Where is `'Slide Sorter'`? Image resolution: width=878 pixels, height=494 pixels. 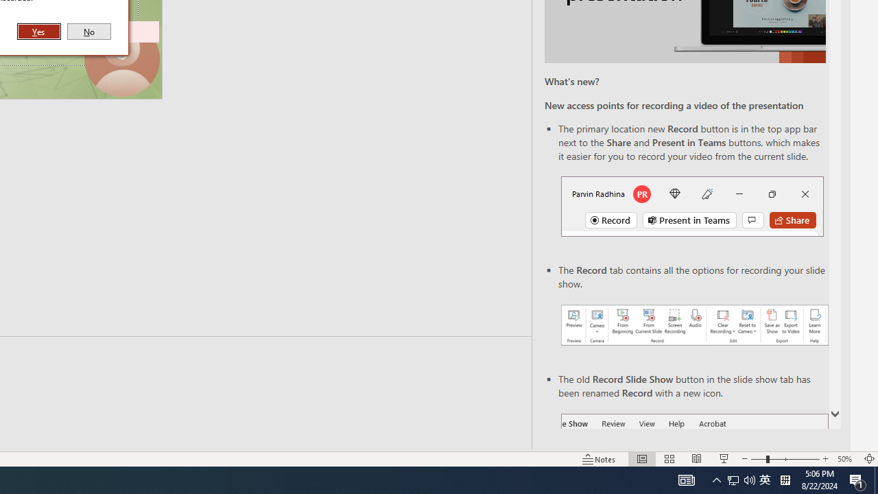 'Slide Sorter' is located at coordinates (669, 459).